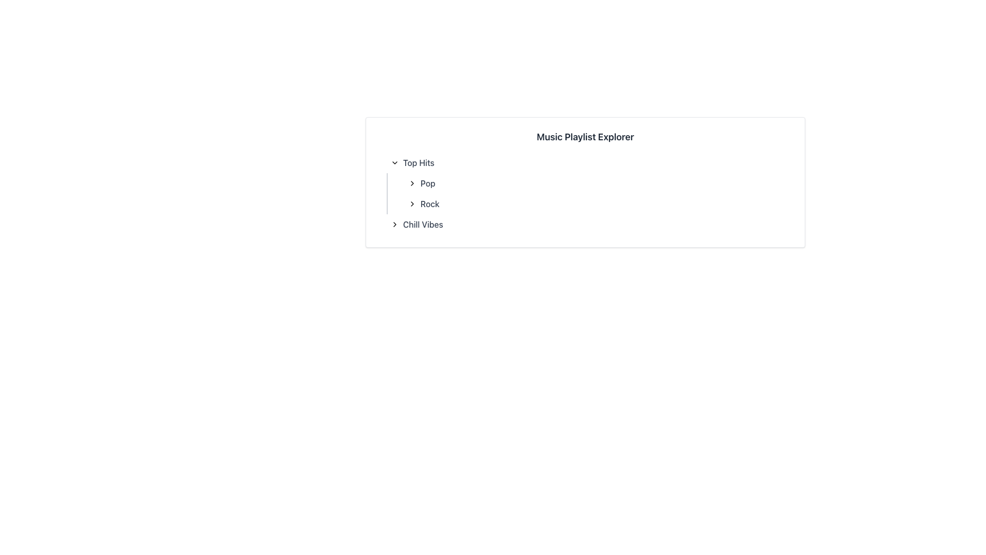 This screenshot has width=986, height=555. Describe the element at coordinates (394, 224) in the screenshot. I see `the toggle icon for the 'Chill Vibes' category, which is located to the left of the text and serves as a collapsible indicator` at that location.